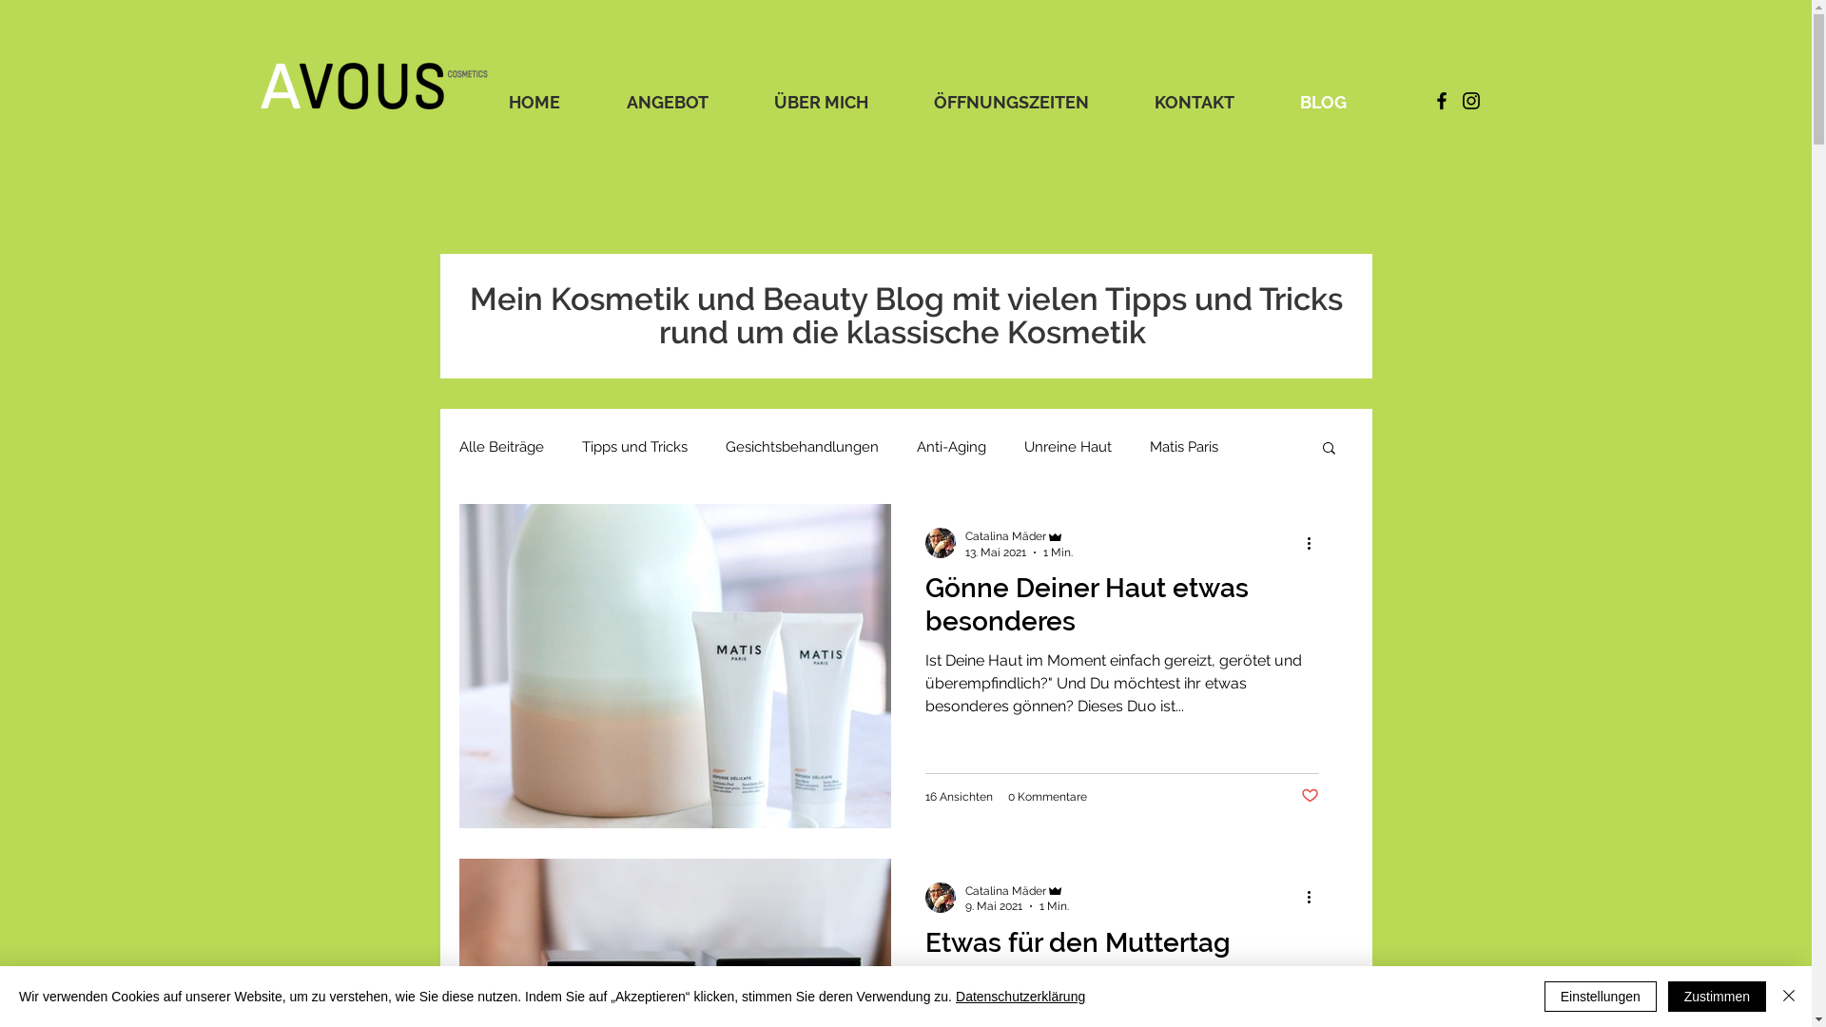 The image size is (1826, 1027). What do you see at coordinates (1046, 796) in the screenshot?
I see `'0 Kommentare'` at bounding box center [1046, 796].